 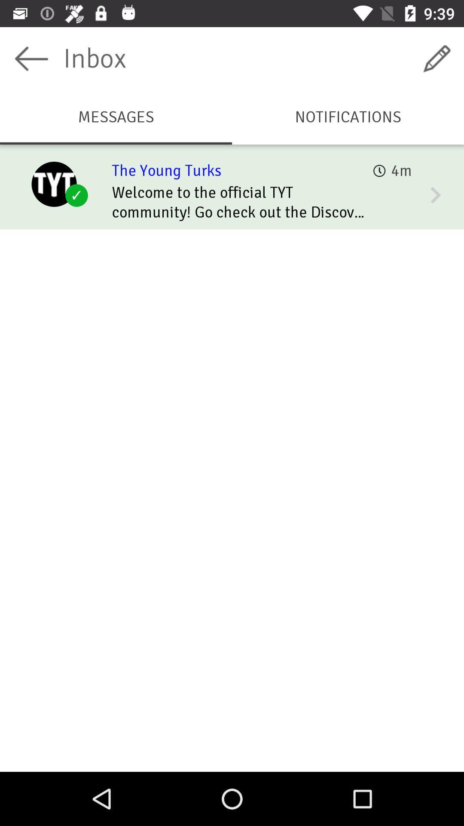 What do you see at coordinates (31, 58) in the screenshot?
I see `back to inbox` at bounding box center [31, 58].